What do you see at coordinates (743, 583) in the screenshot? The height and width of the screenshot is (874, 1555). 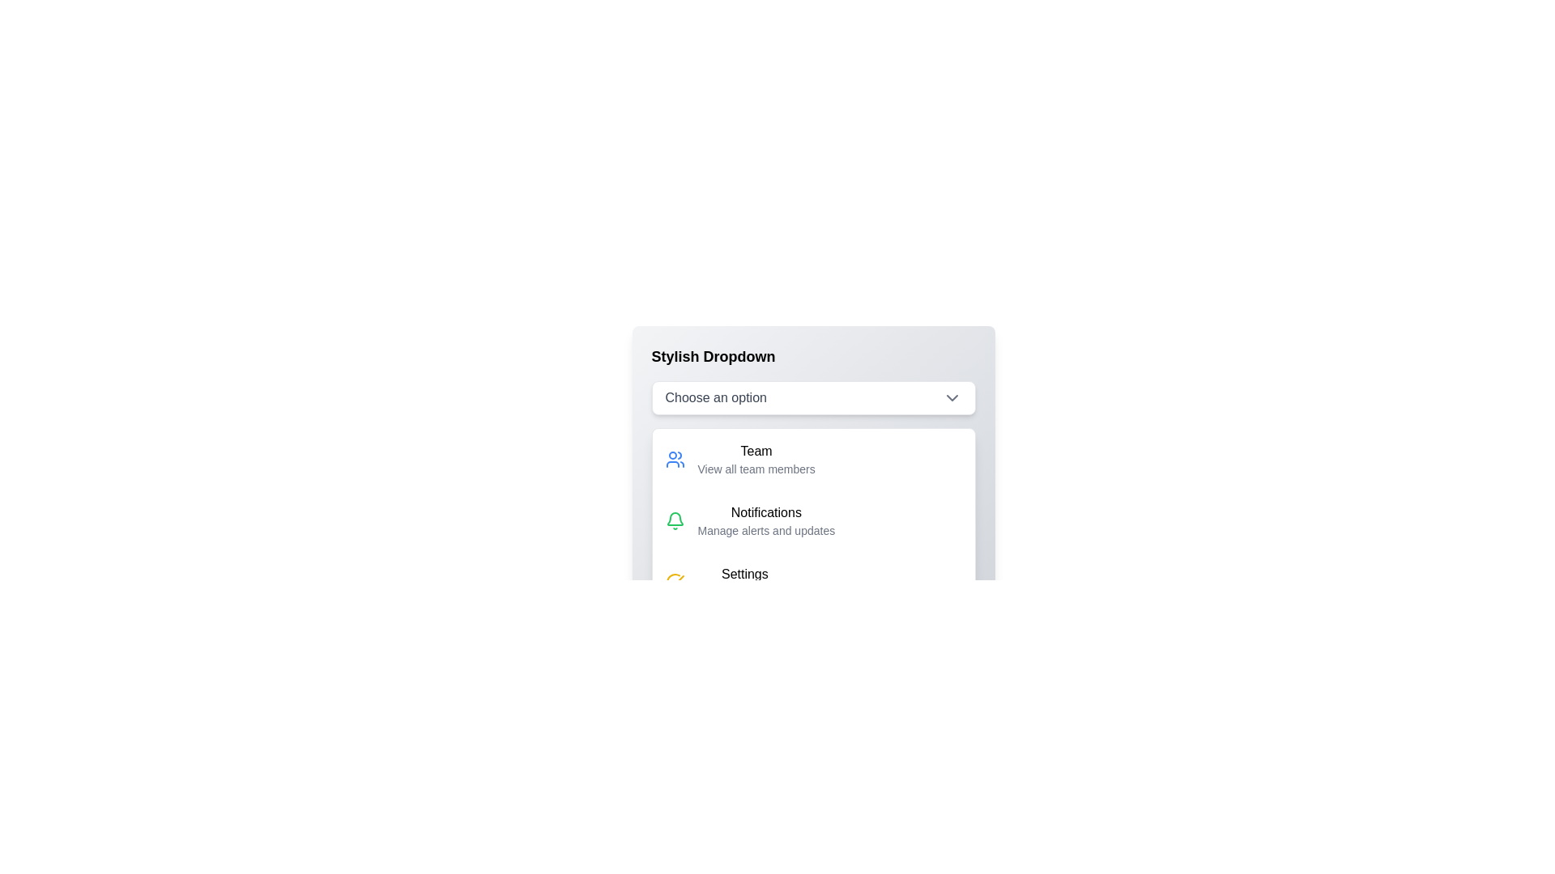 I see `the third item in the dropdown menu that serves as a selectable option for accessing the settings page` at bounding box center [743, 583].